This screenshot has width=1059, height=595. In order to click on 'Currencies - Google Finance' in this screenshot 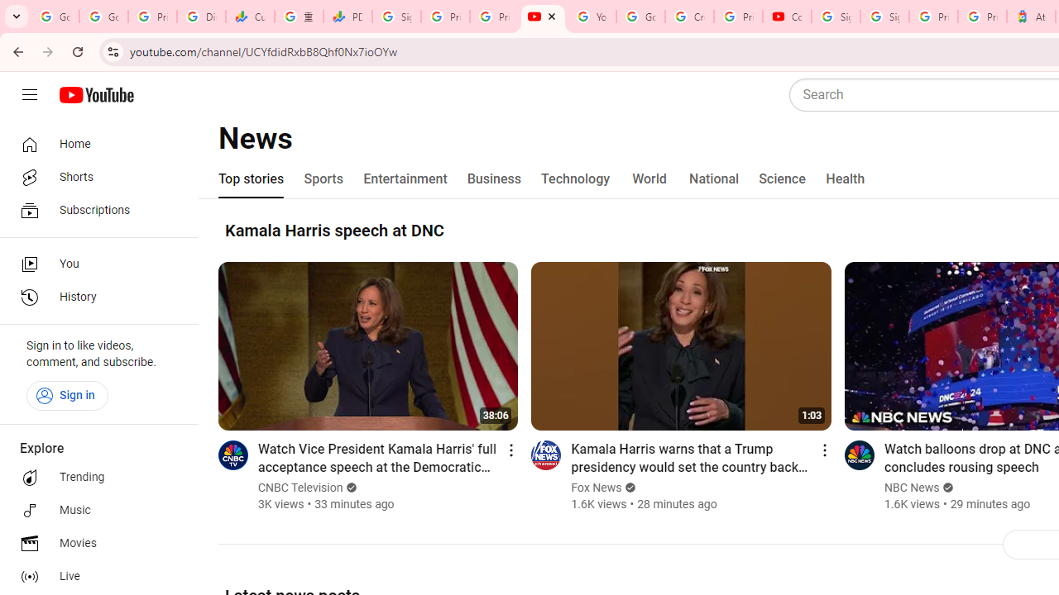, I will do `click(249, 17)`.